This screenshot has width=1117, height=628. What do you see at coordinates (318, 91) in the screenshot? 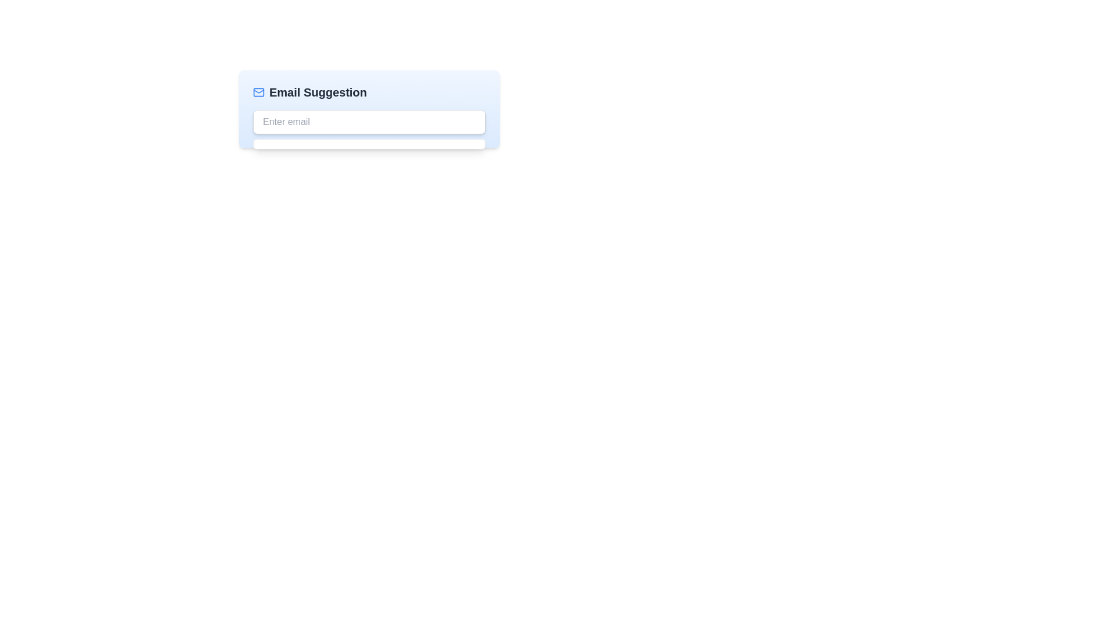
I see `the text label that reads 'Email Suggestion', styled in bold dark gray, located at the top of the email suggestion component next to the blue mail icon` at bounding box center [318, 91].